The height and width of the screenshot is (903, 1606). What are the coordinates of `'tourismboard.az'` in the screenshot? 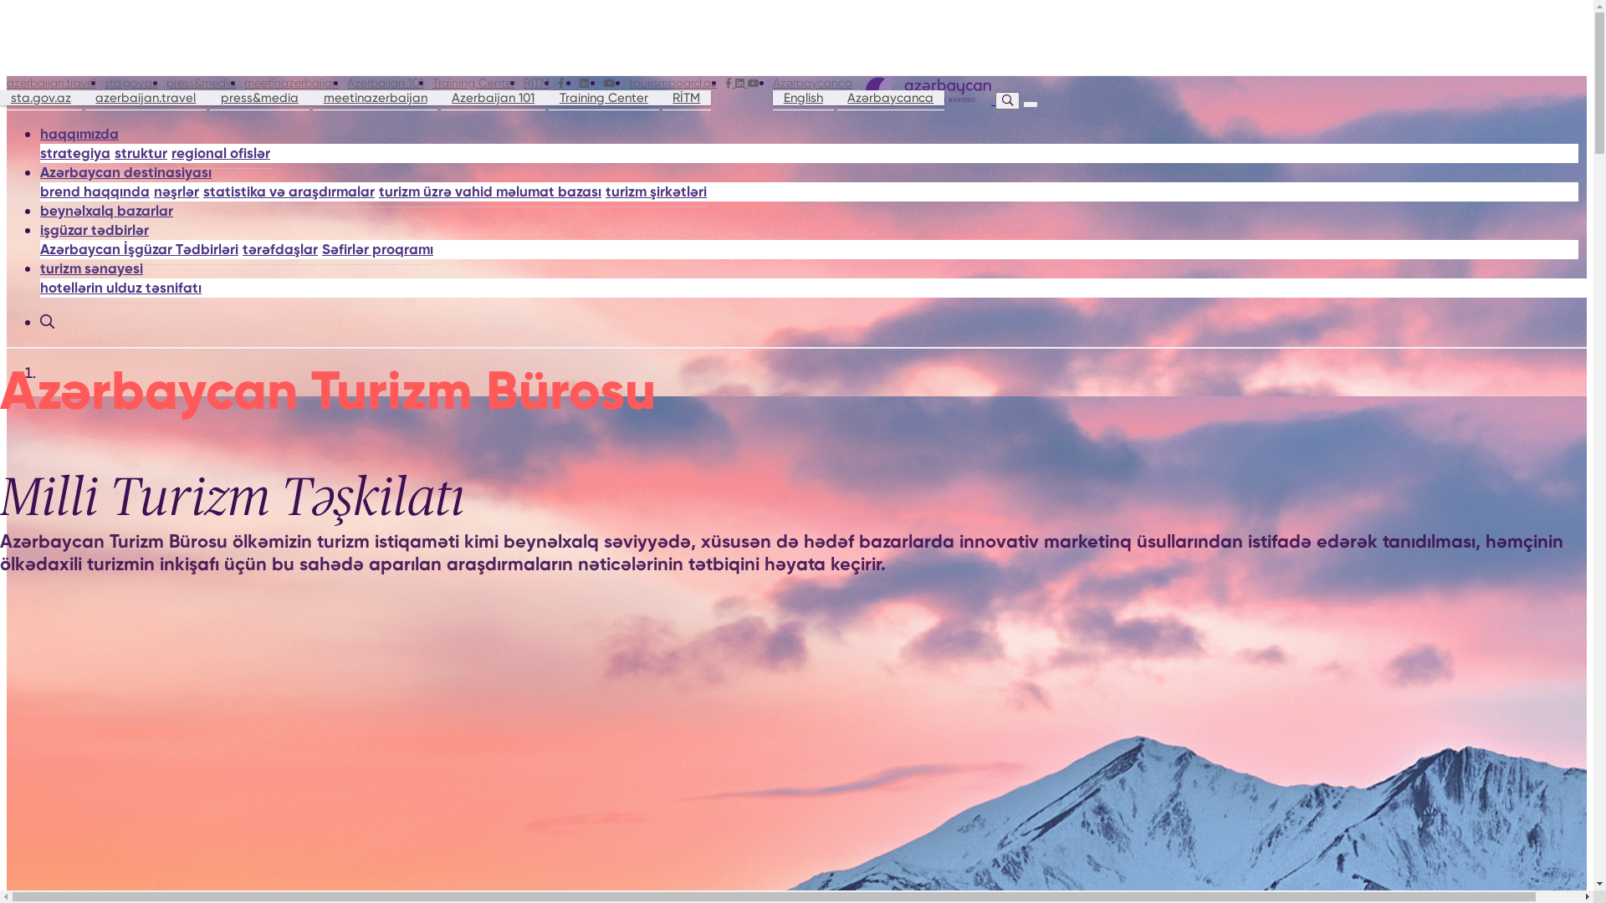 It's located at (673, 83).